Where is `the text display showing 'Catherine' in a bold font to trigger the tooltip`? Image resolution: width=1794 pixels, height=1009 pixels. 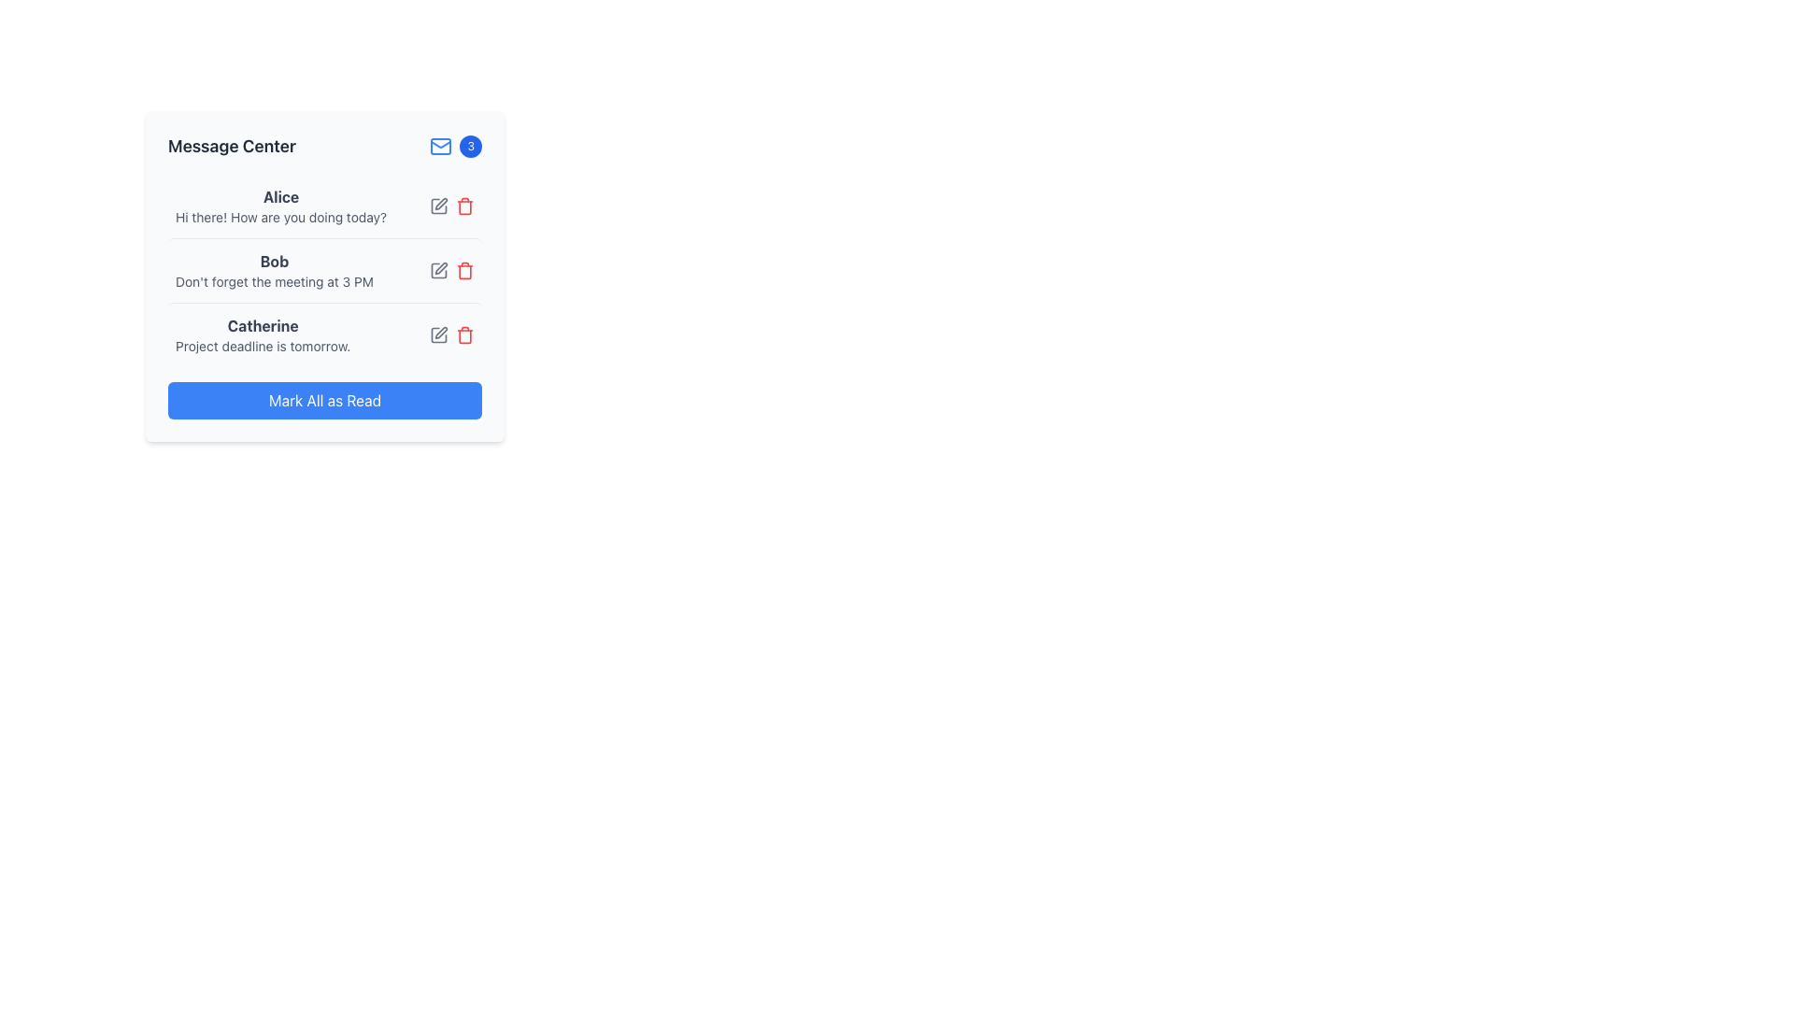 the text display showing 'Catherine' in a bold font to trigger the tooltip is located at coordinates (262, 324).